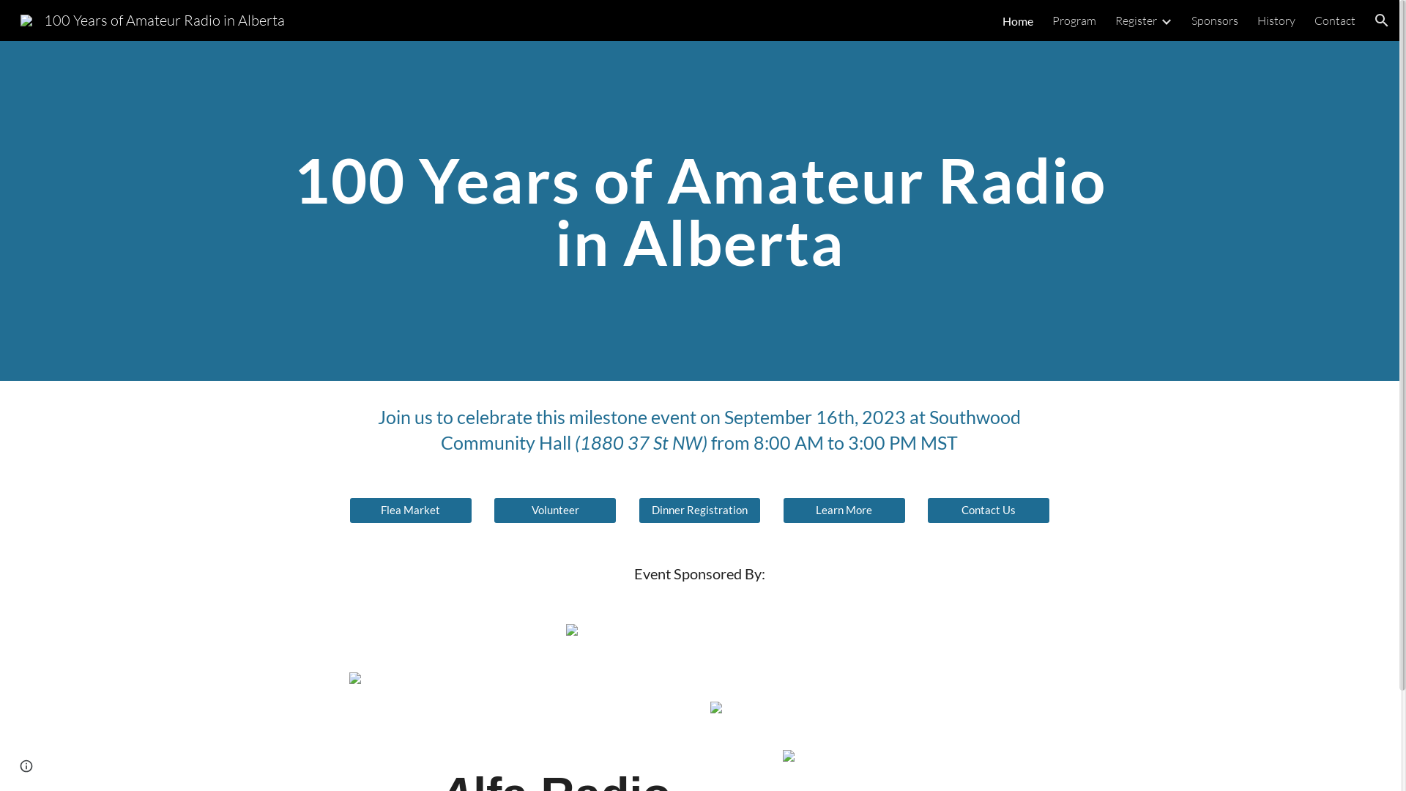 The width and height of the screenshot is (1406, 791). What do you see at coordinates (844, 510) in the screenshot?
I see `'Learn More'` at bounding box center [844, 510].